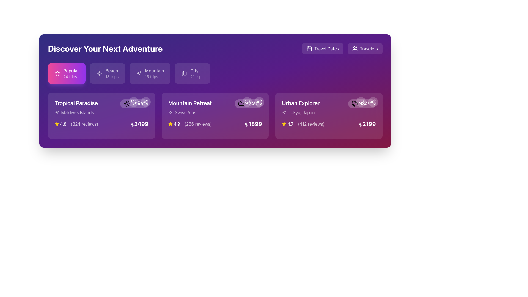 The height and width of the screenshot is (297, 528). Describe the element at coordinates (139, 73) in the screenshot. I see `the minimalistic navigation arrow icon located within the 'Mountain 15 trips' button, which is the third navigation tab below the 'Discover Your Next Adventure' heading` at that location.